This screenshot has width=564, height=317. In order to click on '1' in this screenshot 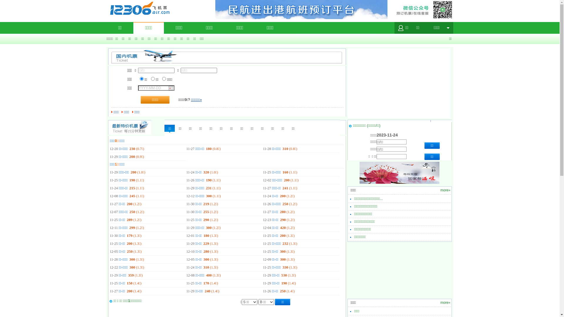, I will do `click(142, 78)`.